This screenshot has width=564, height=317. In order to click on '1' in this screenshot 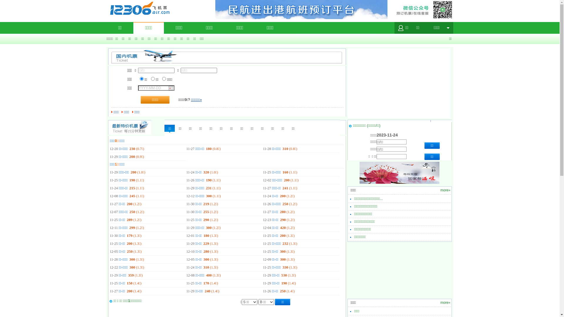, I will do `click(142, 78)`.